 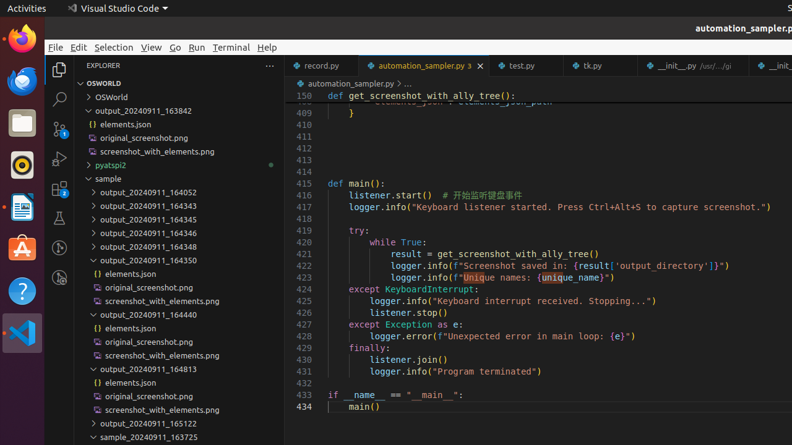 I want to click on 'output_20240911_163842', so click(x=178, y=109).